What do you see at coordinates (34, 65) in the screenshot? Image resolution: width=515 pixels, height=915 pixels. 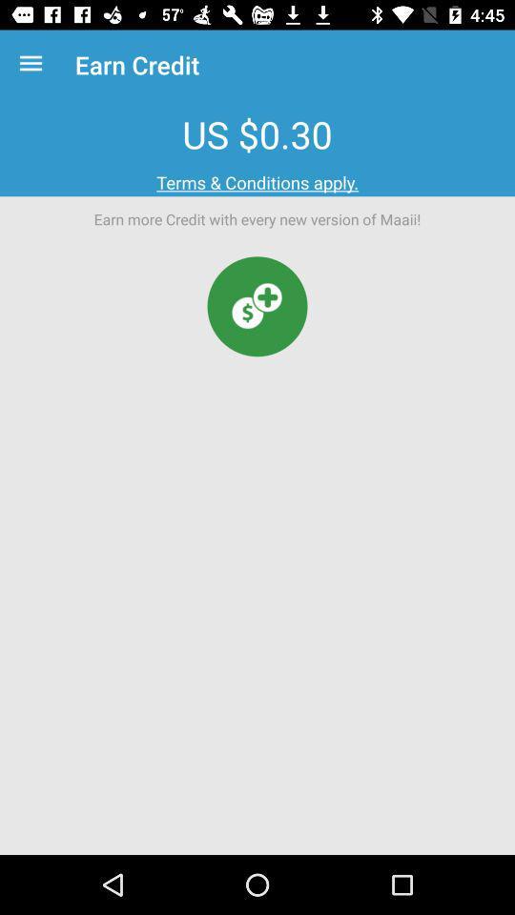 I see `the icon above the us $0.30 icon` at bounding box center [34, 65].